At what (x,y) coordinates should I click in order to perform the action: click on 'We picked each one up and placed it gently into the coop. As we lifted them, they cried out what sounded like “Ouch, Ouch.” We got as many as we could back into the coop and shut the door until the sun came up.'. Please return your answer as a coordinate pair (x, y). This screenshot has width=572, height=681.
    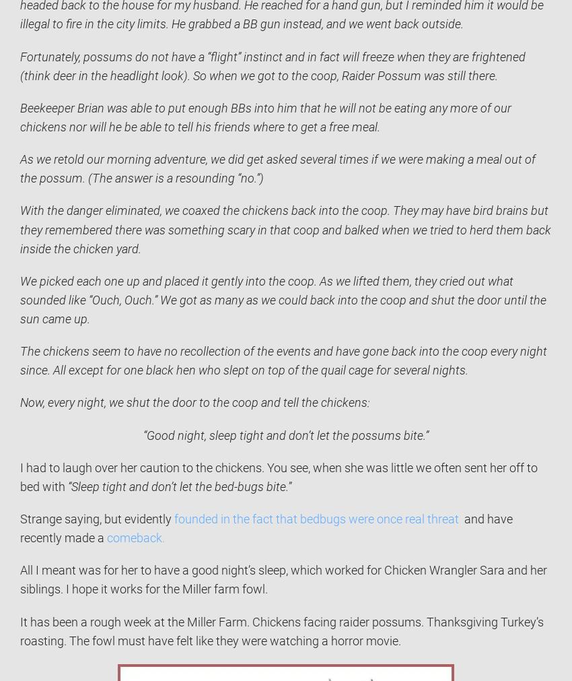
    Looking at the image, I should click on (283, 299).